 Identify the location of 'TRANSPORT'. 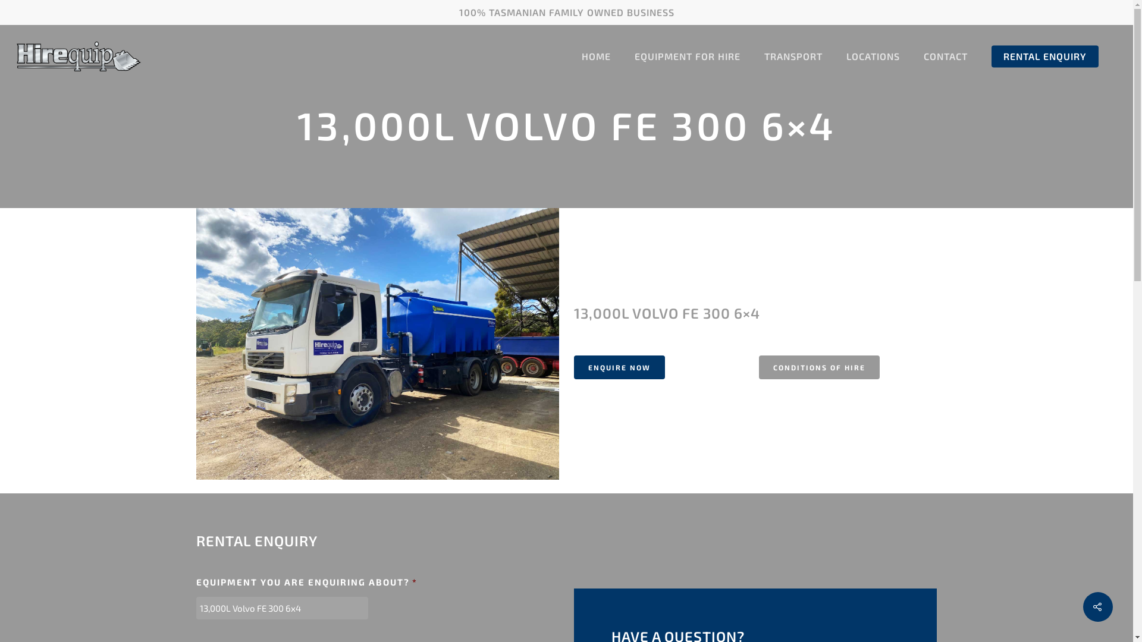
(793, 56).